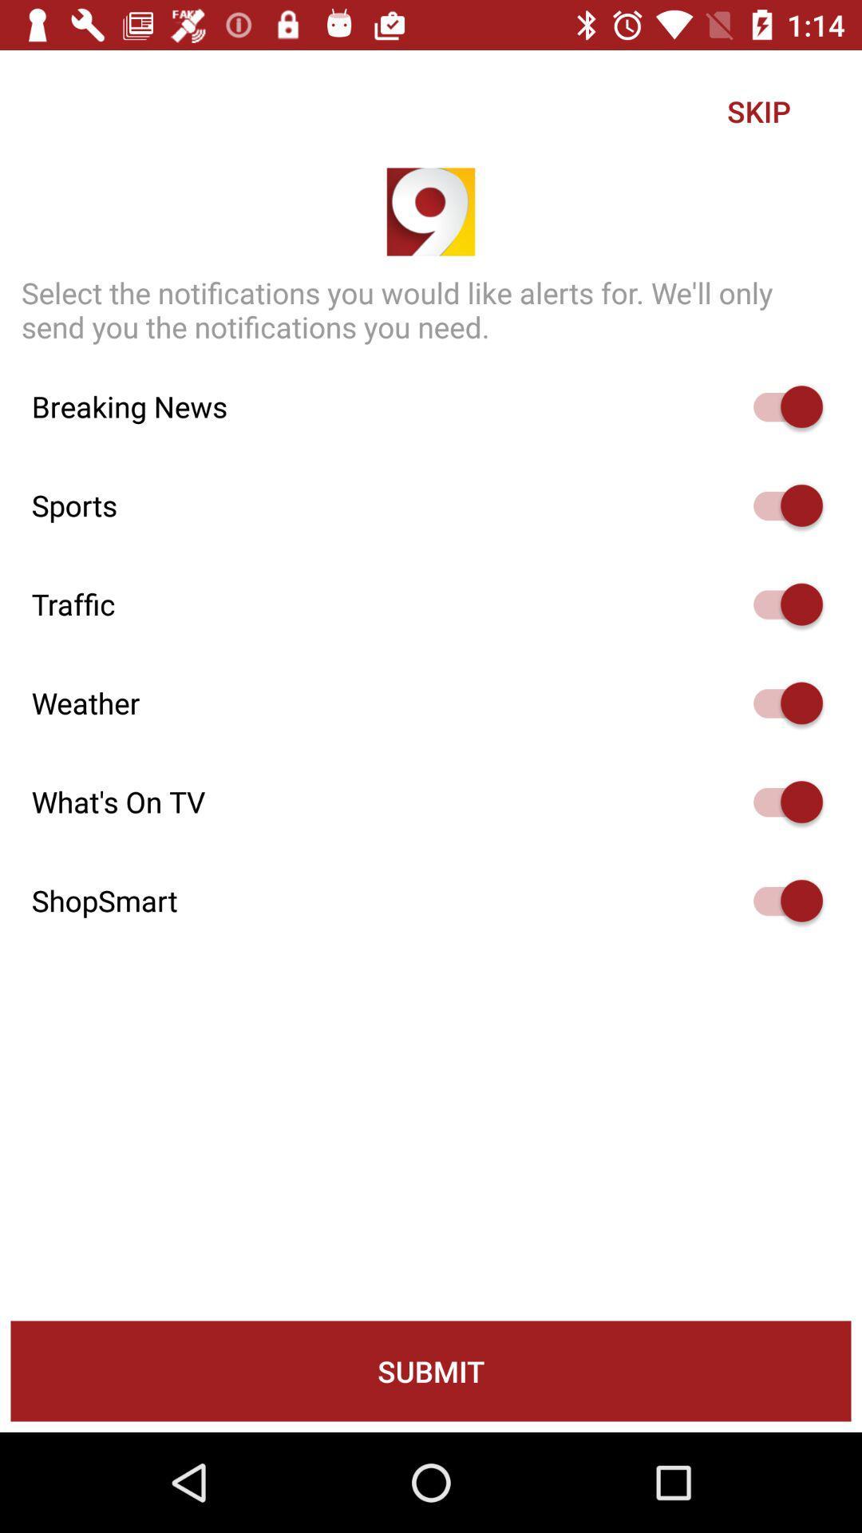 The image size is (862, 1533). Describe the element at coordinates (431, 1370) in the screenshot. I see `the submit` at that location.